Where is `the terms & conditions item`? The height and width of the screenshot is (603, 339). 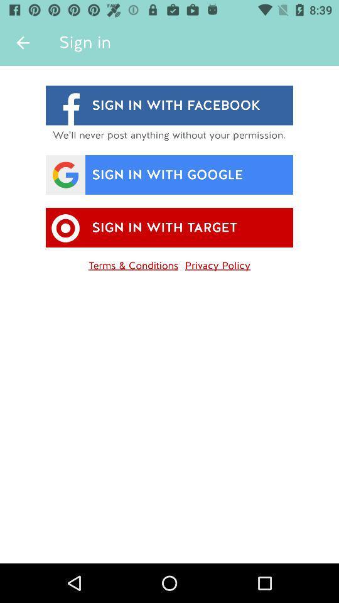 the terms & conditions item is located at coordinates (132, 263).